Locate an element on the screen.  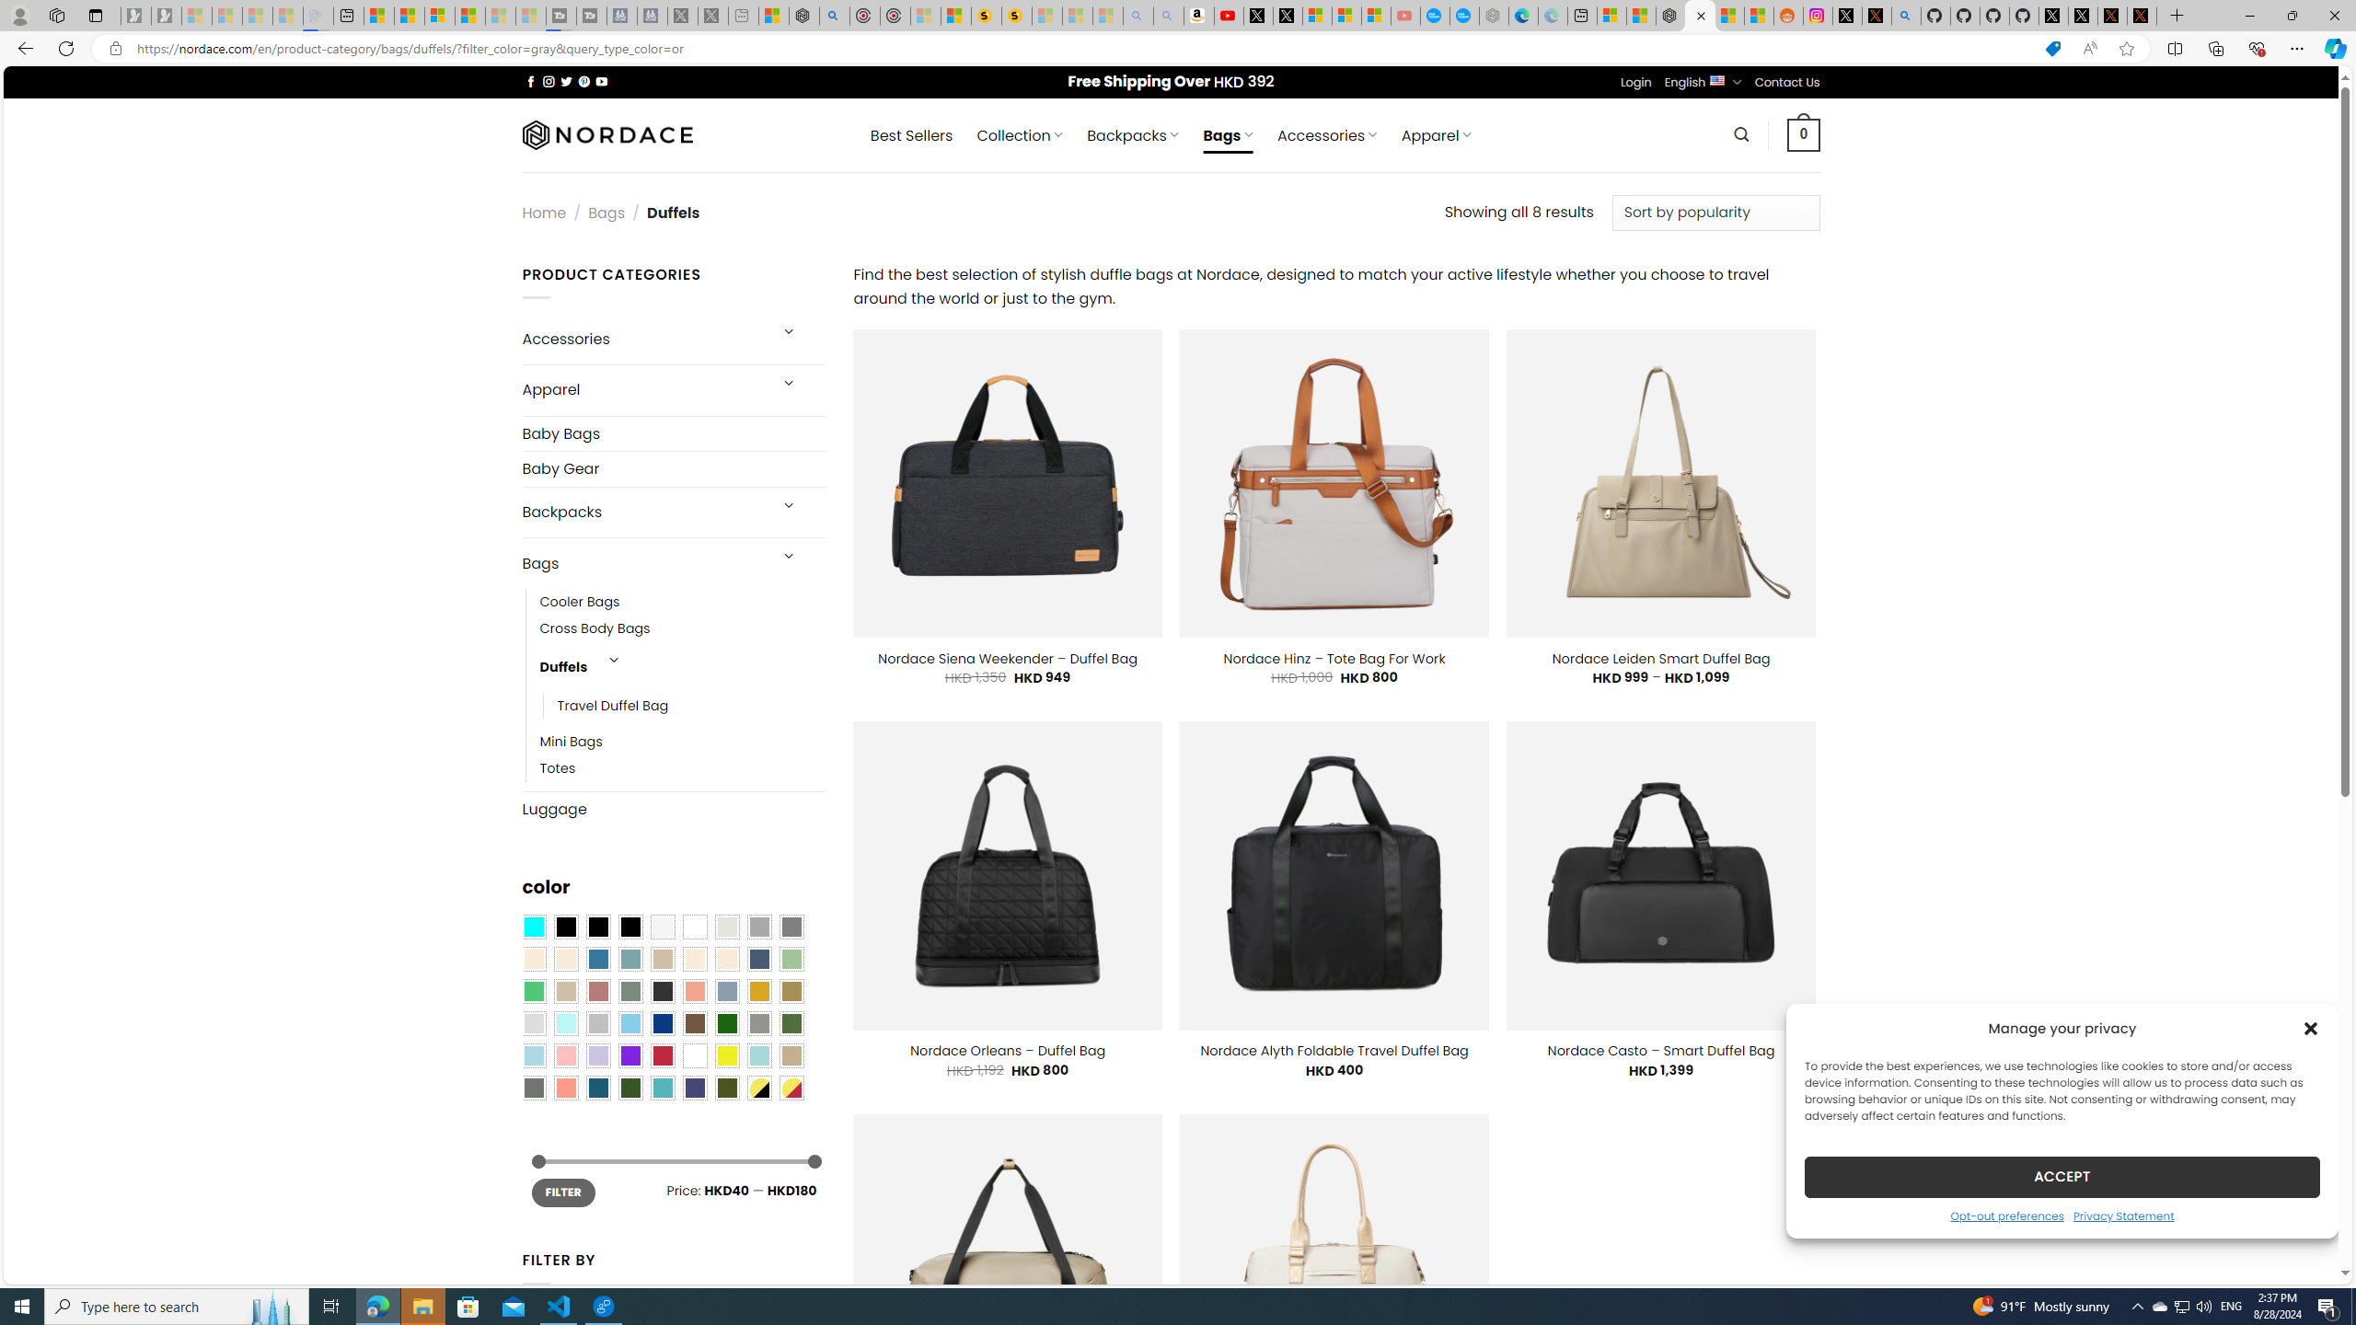
'The most popular Google ' is located at coordinates (1463, 15).